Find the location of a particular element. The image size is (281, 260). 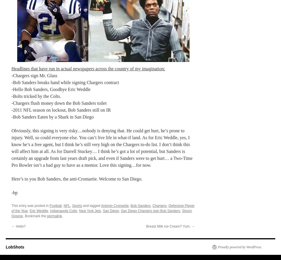

'and tagged' is located at coordinates (82, 205).